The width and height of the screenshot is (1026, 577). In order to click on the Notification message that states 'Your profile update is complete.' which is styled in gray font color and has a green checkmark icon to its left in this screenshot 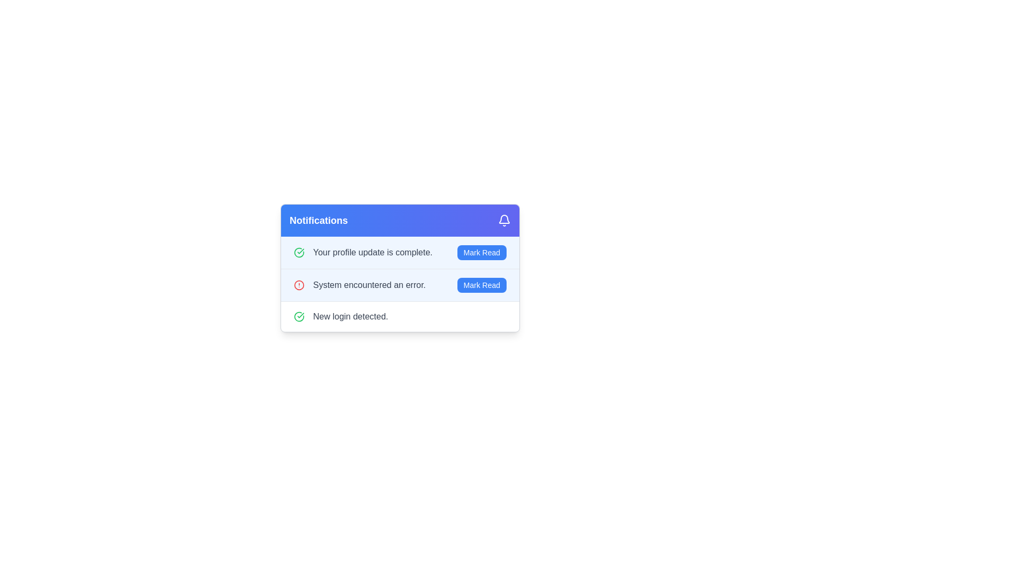, I will do `click(363, 253)`.